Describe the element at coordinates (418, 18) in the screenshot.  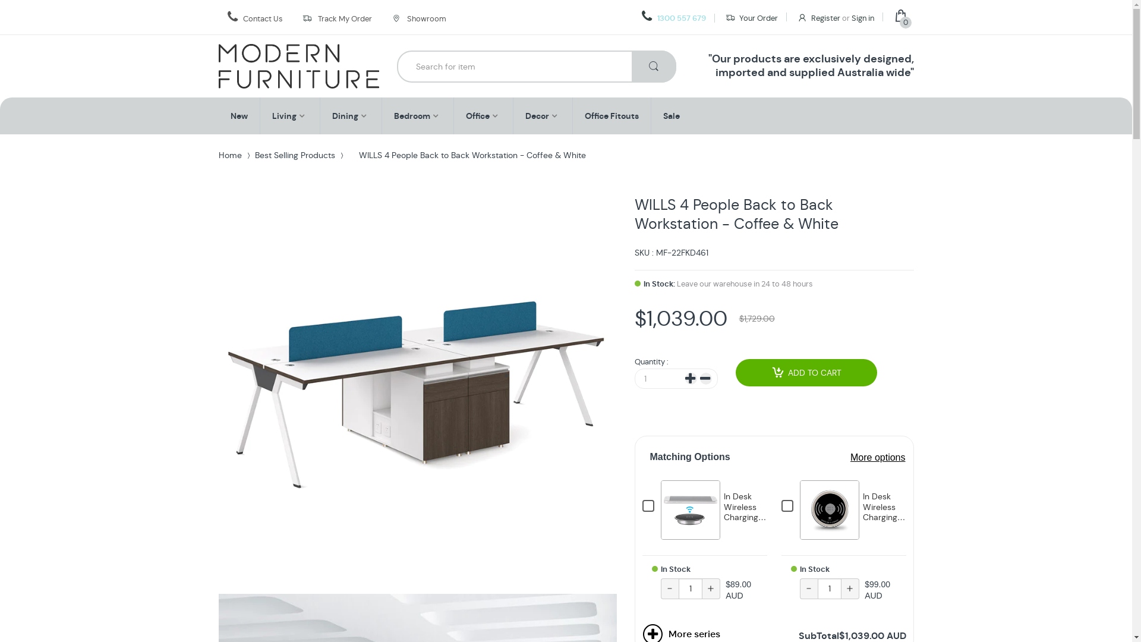
I see `'Showroom'` at that location.